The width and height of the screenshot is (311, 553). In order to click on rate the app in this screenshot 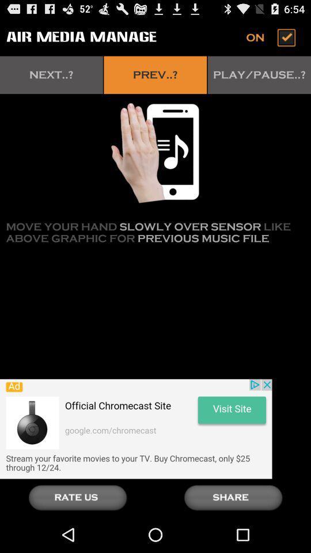, I will do `click(78, 497)`.